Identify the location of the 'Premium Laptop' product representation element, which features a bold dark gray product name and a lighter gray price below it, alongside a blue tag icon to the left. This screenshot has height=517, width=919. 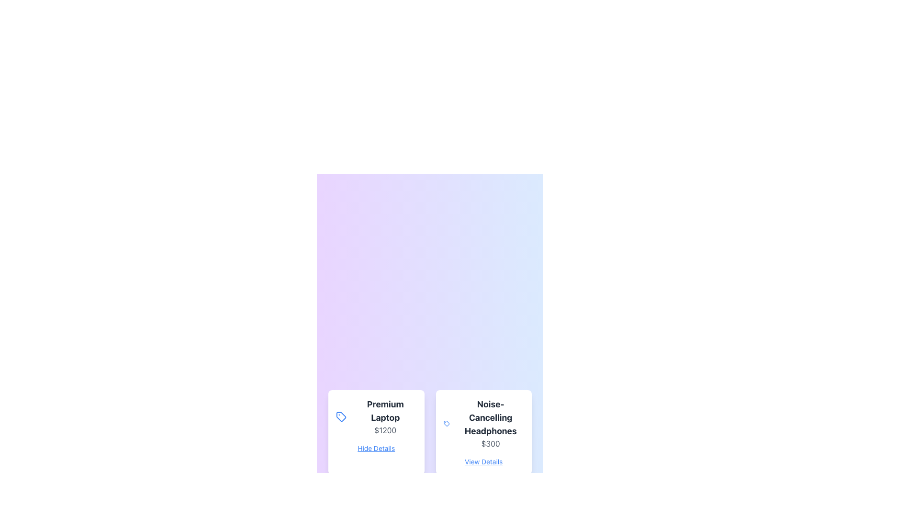
(376, 416).